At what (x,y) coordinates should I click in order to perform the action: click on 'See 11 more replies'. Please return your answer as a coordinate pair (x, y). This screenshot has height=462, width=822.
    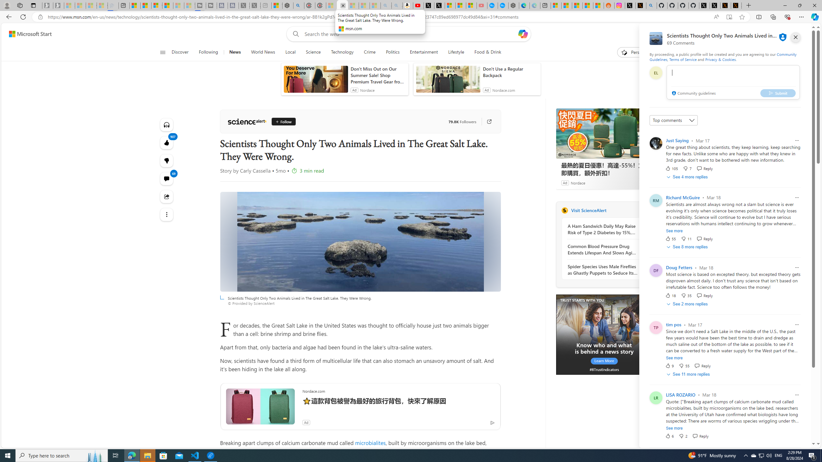
    Looking at the image, I should click on (688, 374).